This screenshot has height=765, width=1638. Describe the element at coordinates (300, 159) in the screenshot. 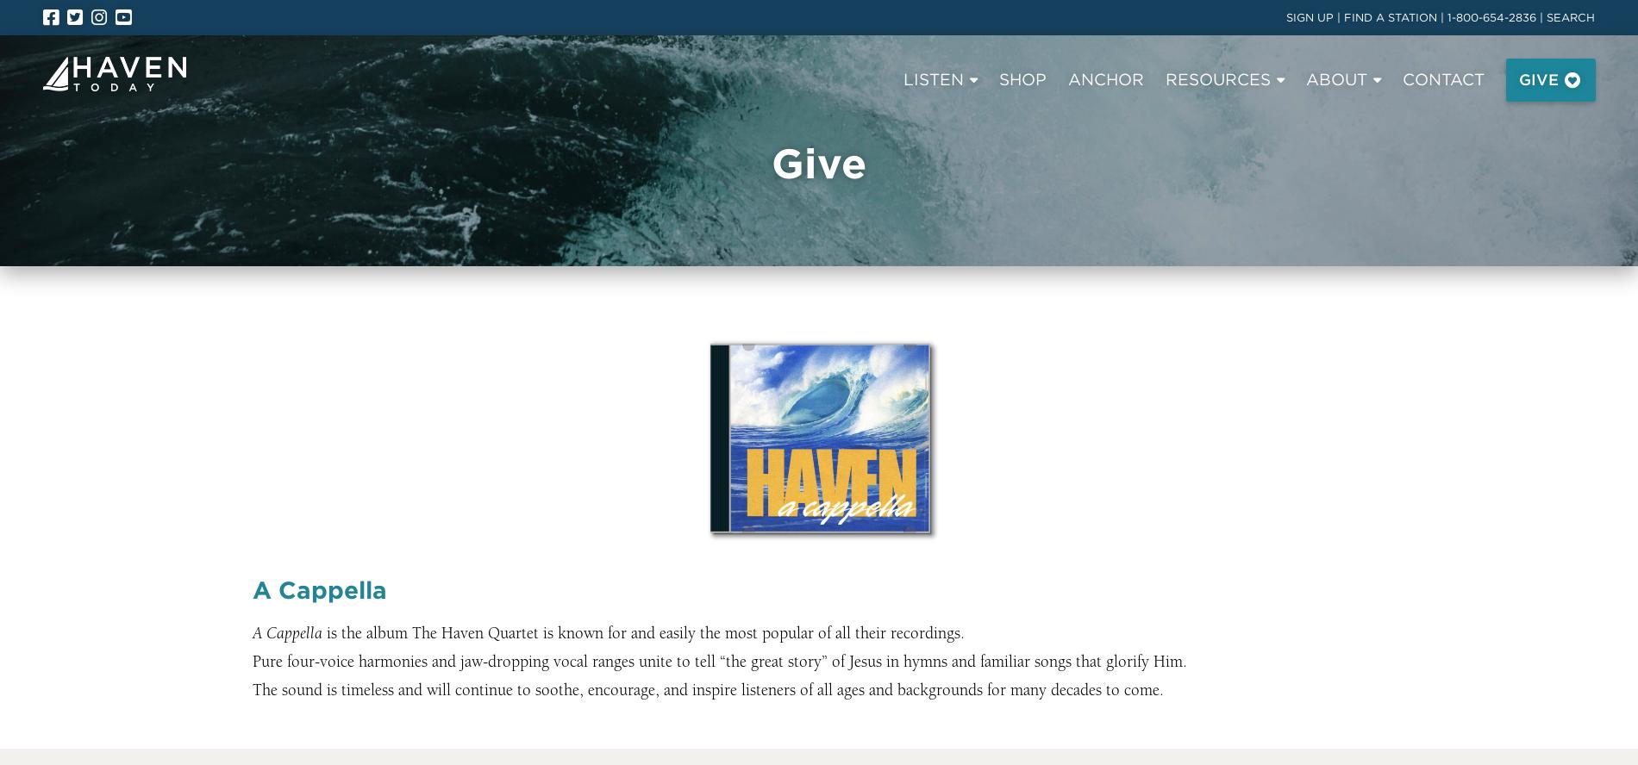

I see `'Find A Station'` at that location.